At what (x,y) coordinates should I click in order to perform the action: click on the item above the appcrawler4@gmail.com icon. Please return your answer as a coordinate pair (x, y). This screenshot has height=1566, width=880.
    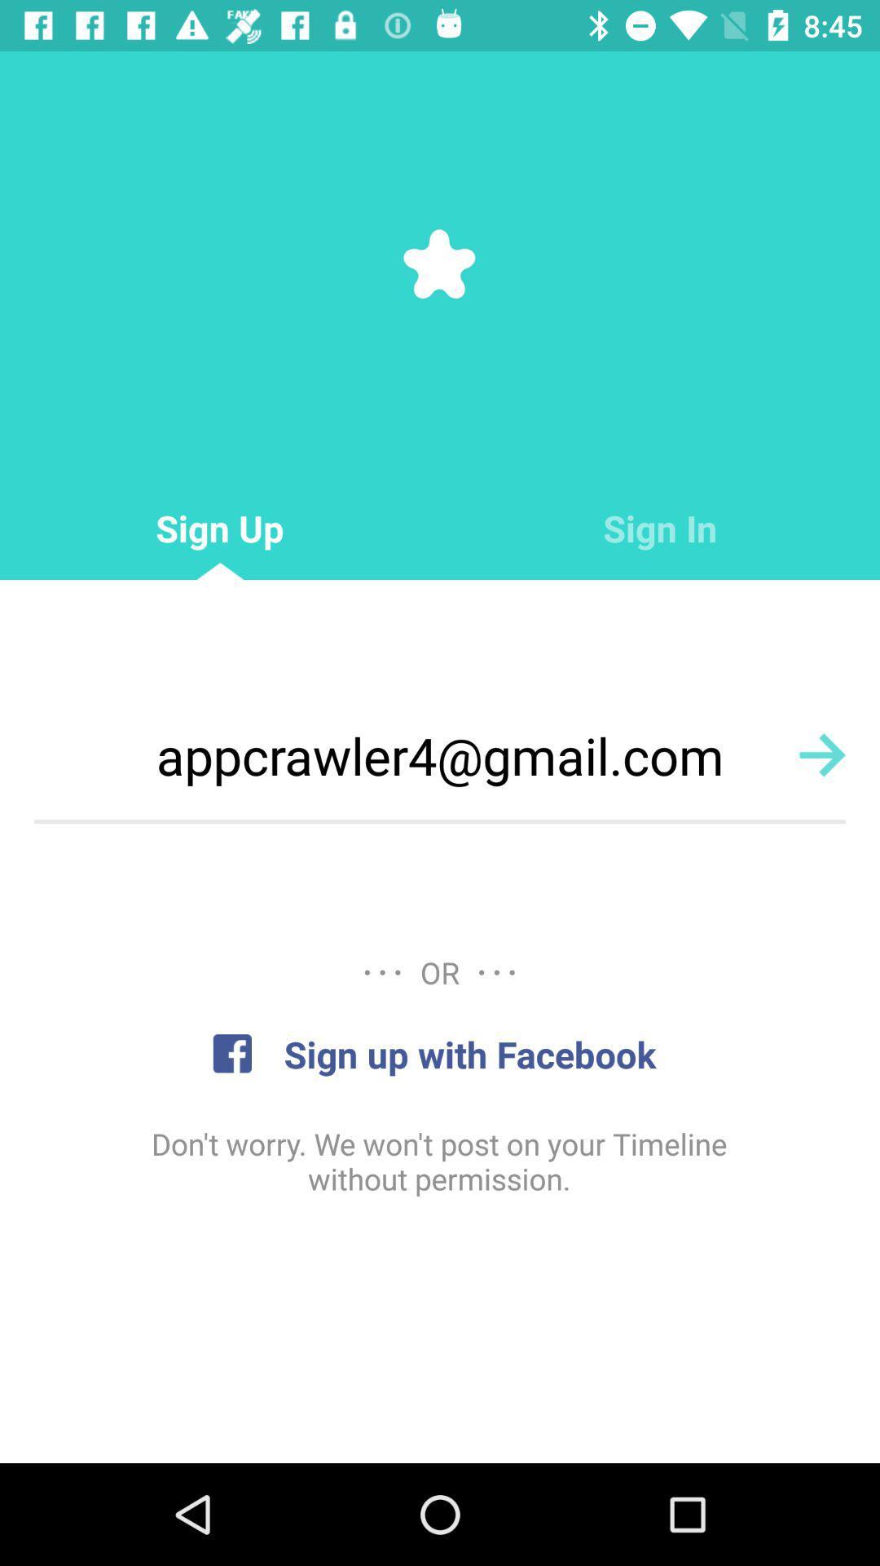
    Looking at the image, I should click on (660, 529).